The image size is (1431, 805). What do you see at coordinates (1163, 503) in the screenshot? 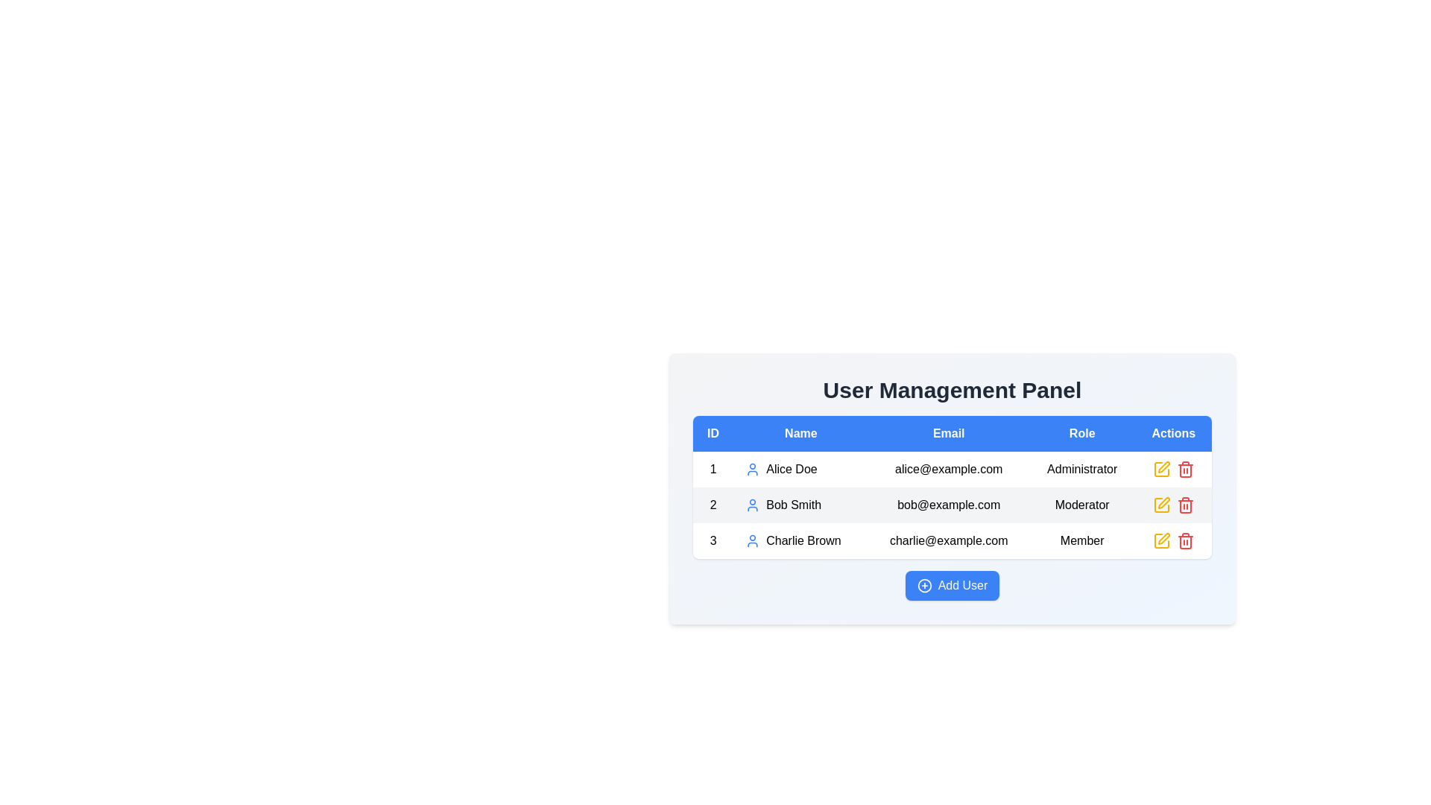
I see `the edit icon resembling a pen in the actions column of the user management table for Bob Smith` at bounding box center [1163, 503].